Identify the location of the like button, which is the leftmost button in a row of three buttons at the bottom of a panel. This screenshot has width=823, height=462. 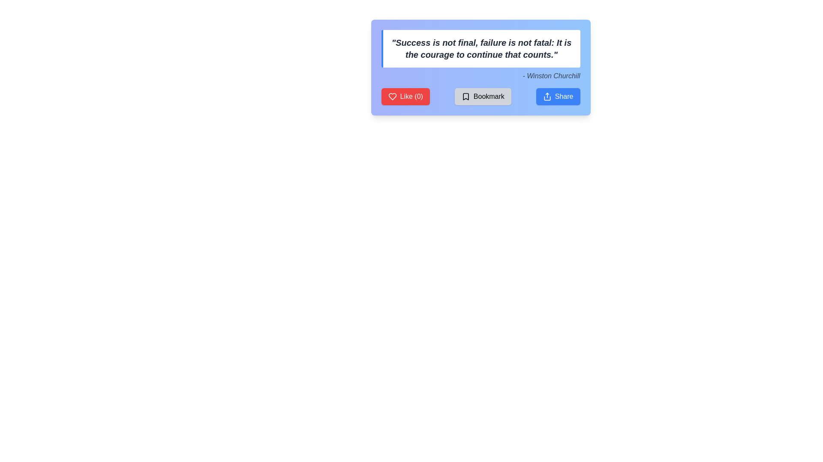
(405, 96).